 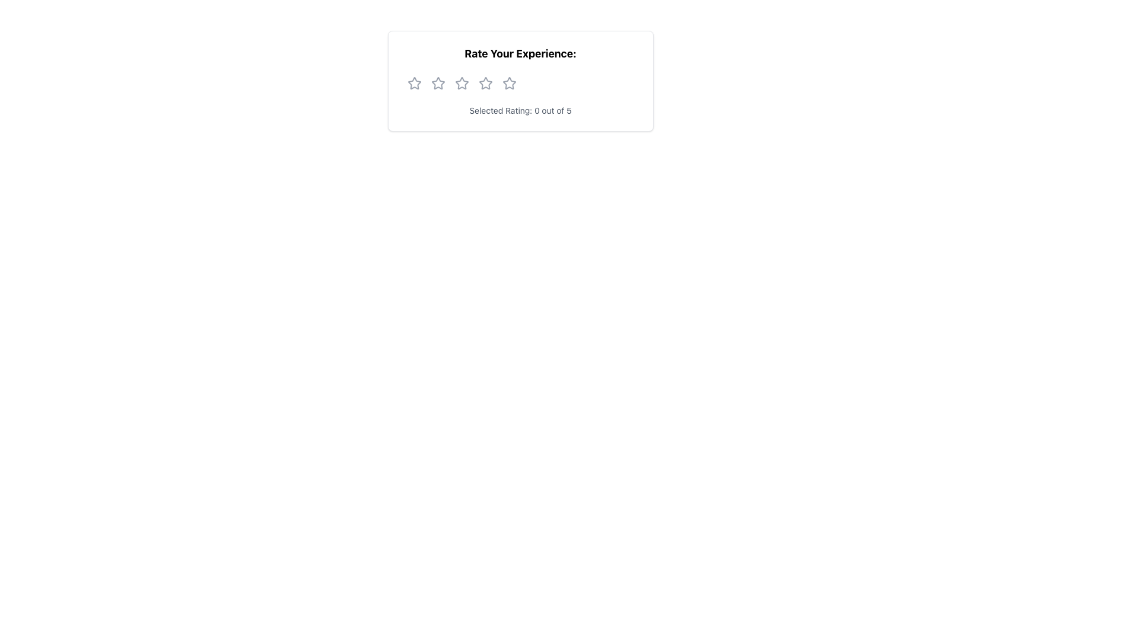 I want to click on one of the five unselected star icons in the 'Rate Your Experience:' card, so click(x=520, y=81).